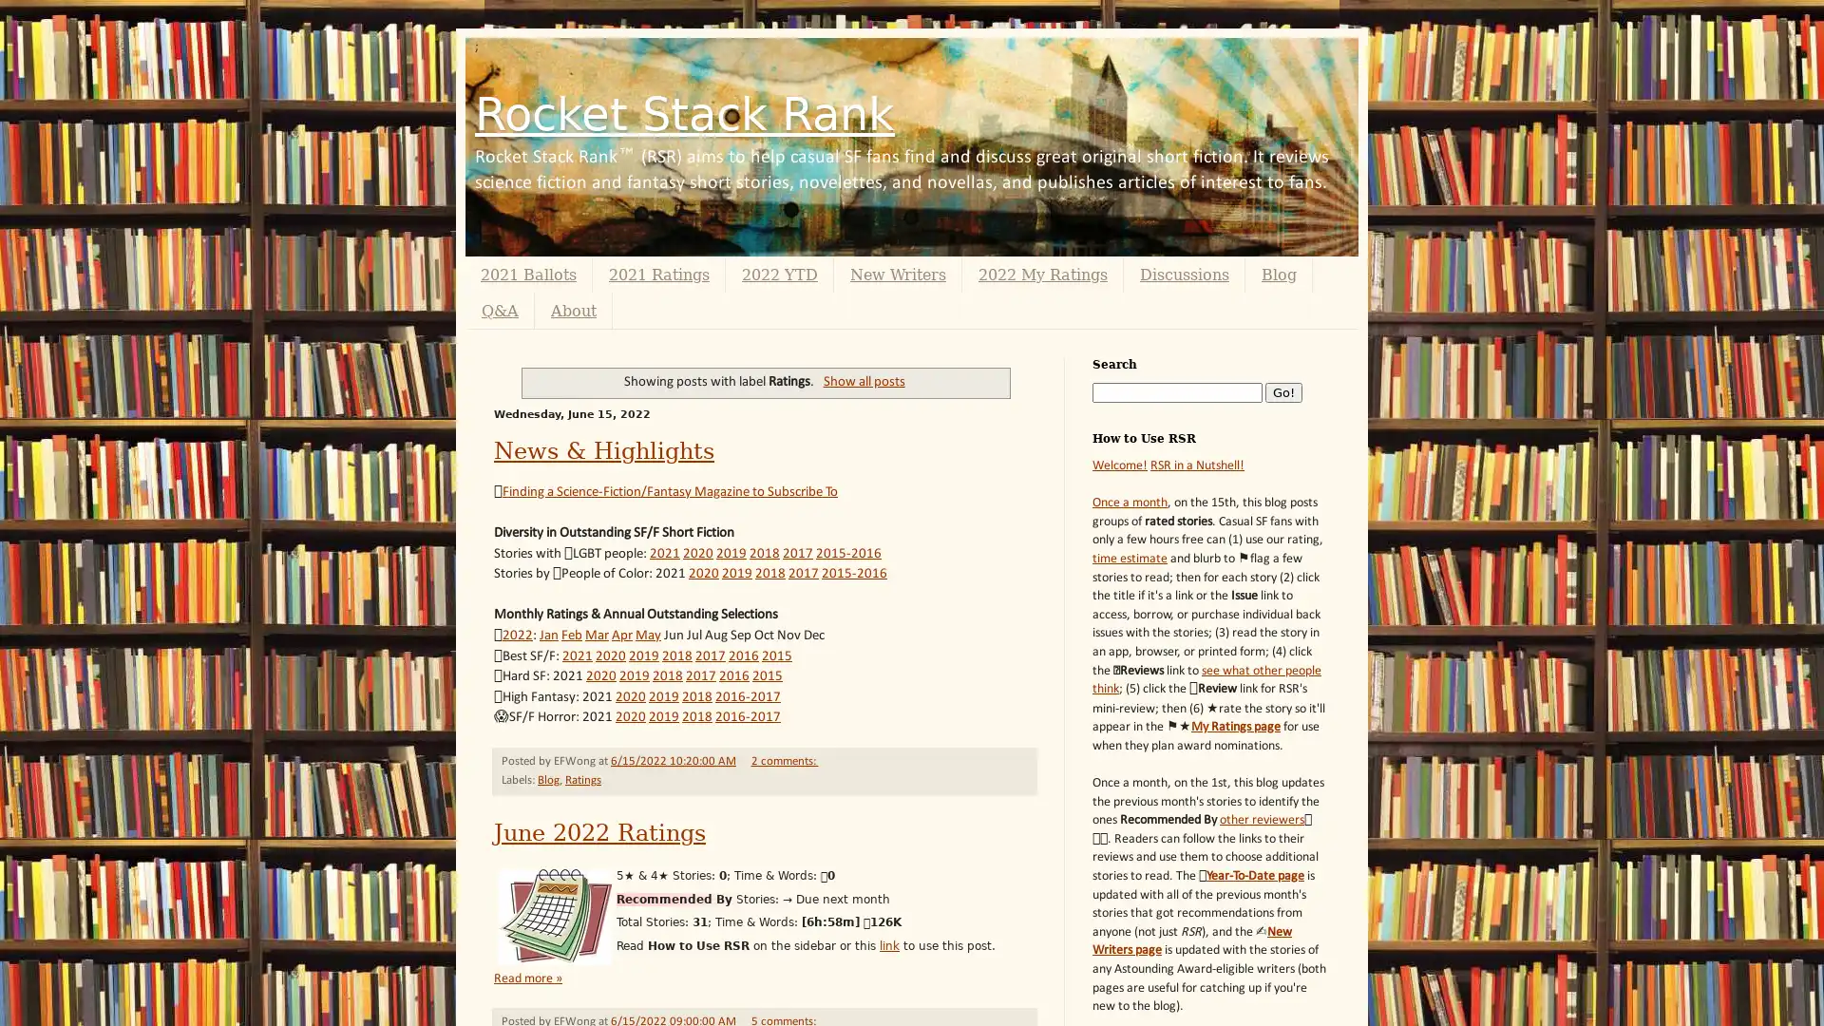 The width and height of the screenshot is (1824, 1026). What do you see at coordinates (1283, 391) in the screenshot?
I see `Go!` at bounding box center [1283, 391].